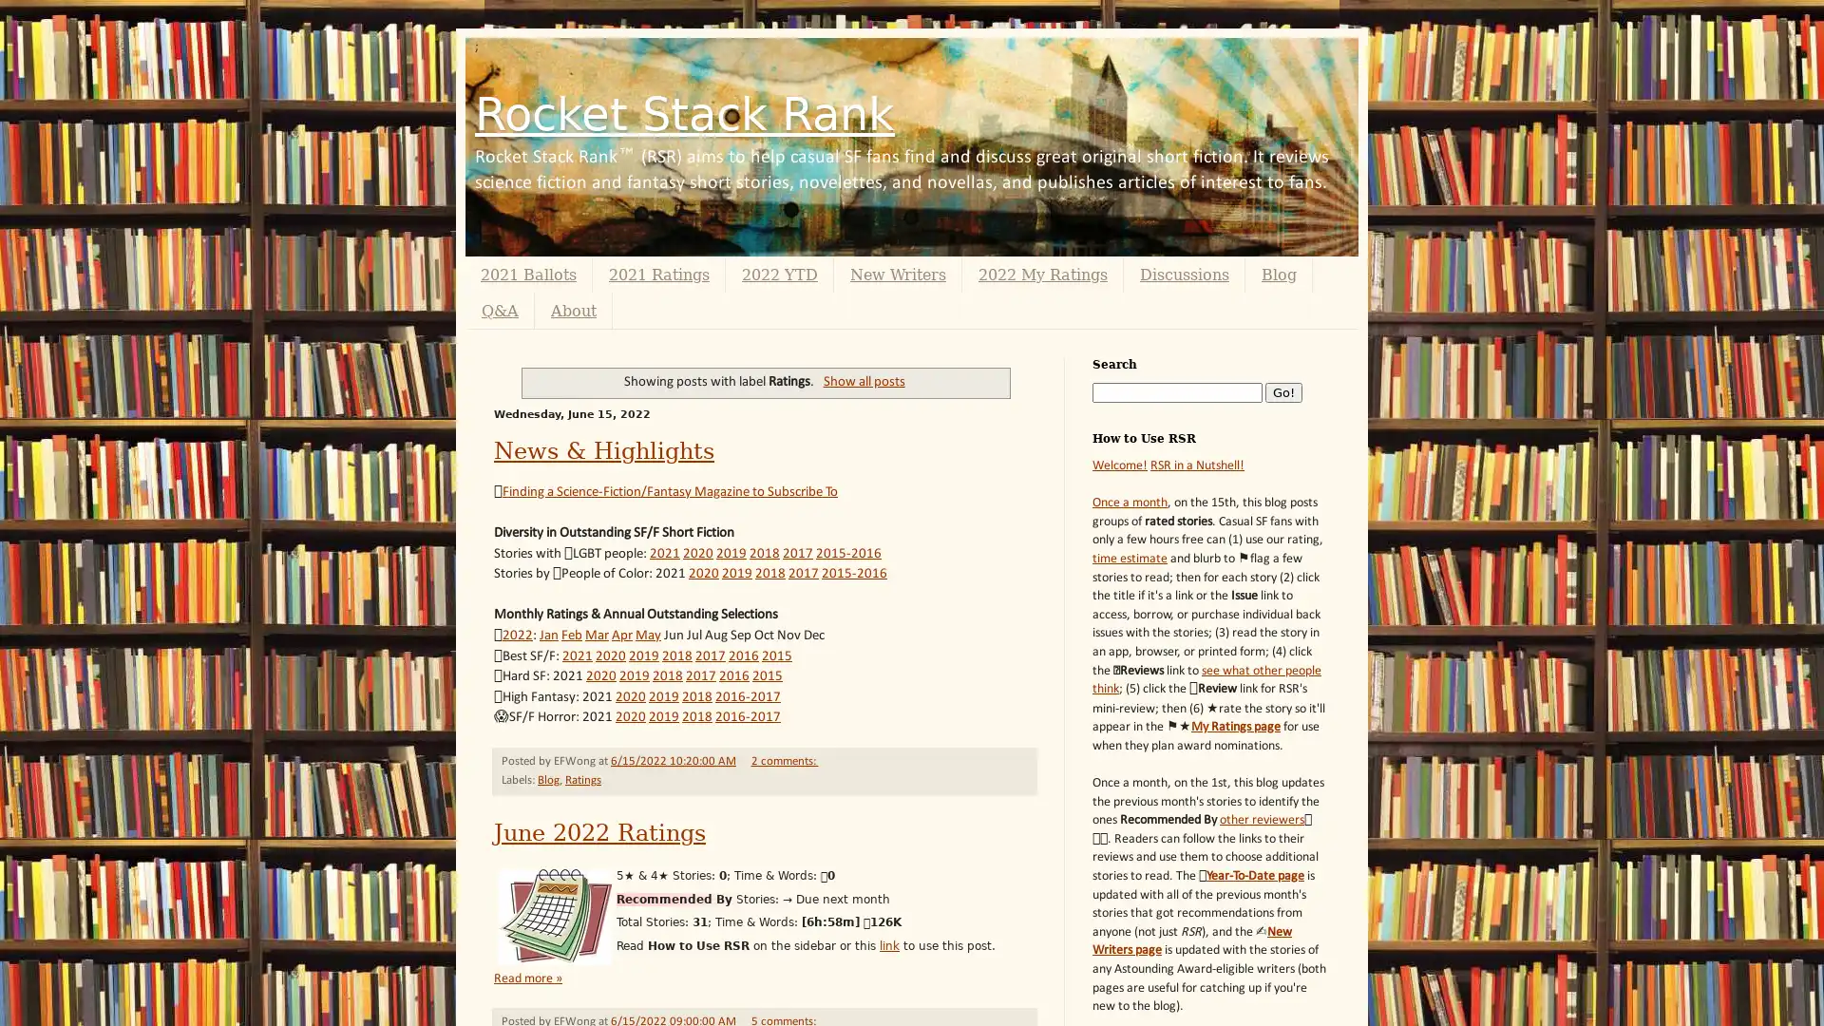 The width and height of the screenshot is (1824, 1026). What do you see at coordinates (1283, 391) in the screenshot?
I see `Go!` at bounding box center [1283, 391].